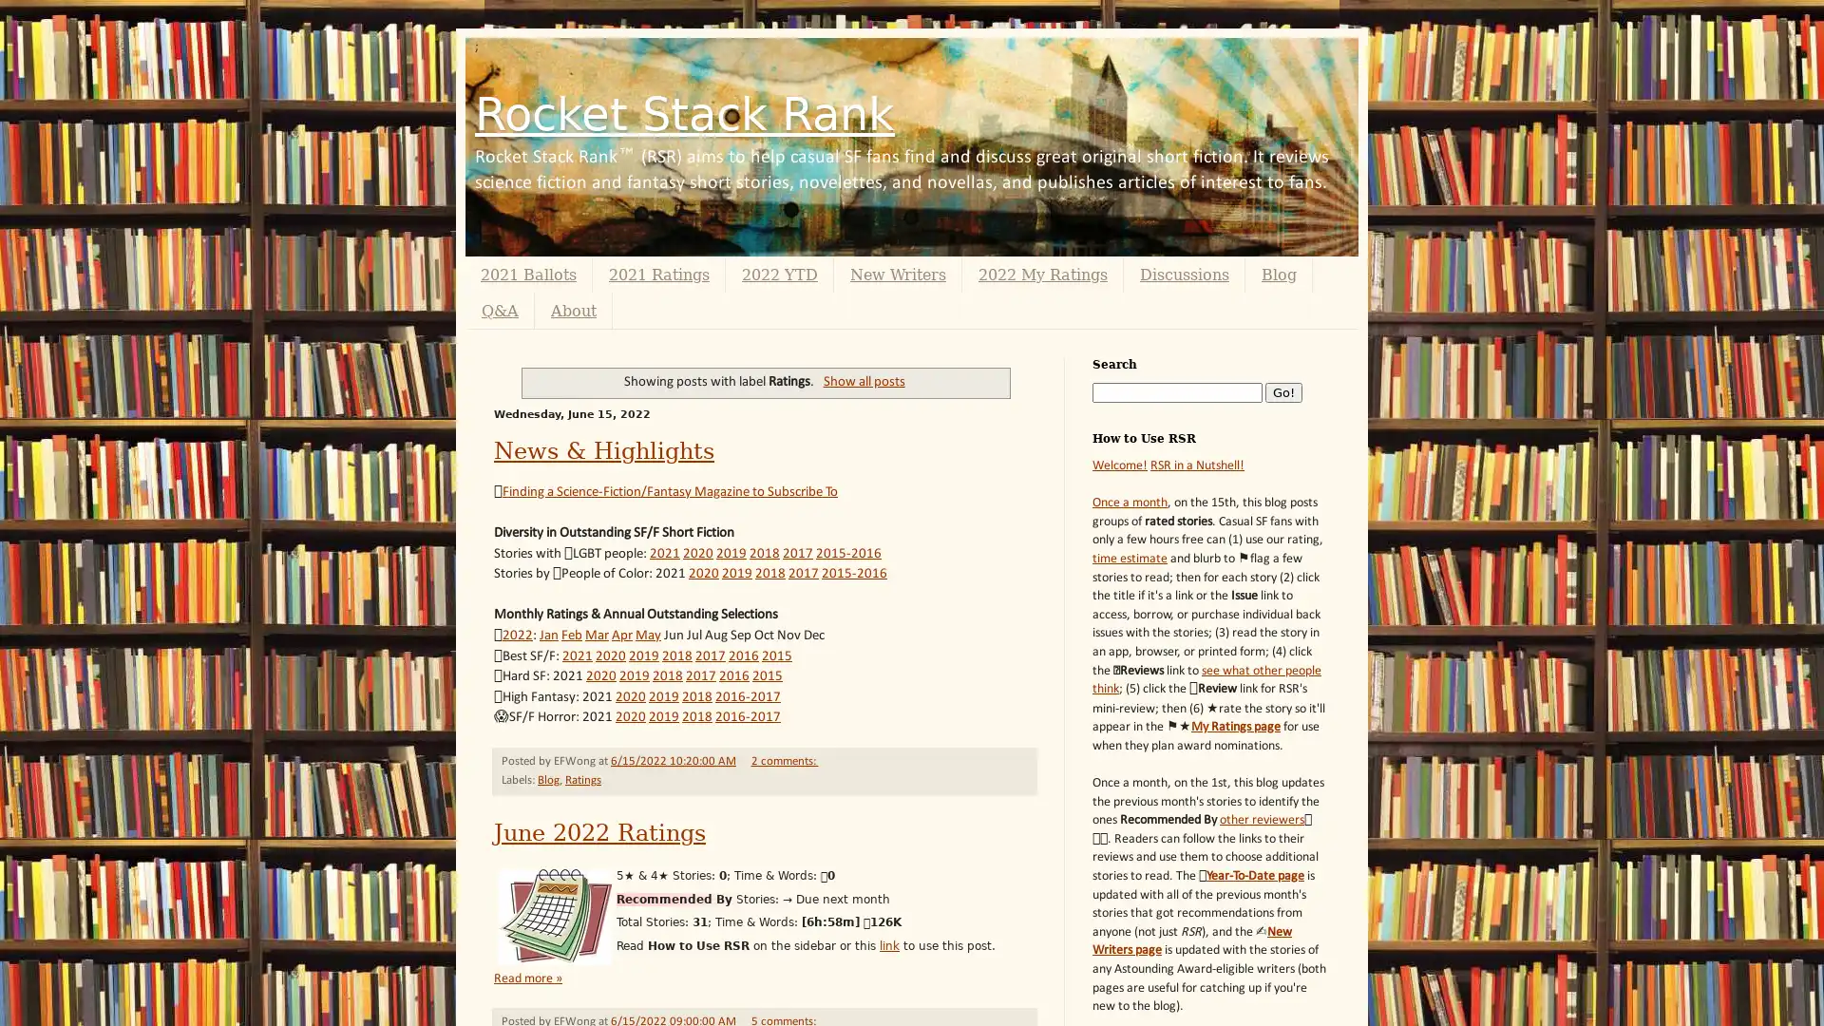 The width and height of the screenshot is (1824, 1026). What do you see at coordinates (1283, 391) in the screenshot?
I see `Go!` at bounding box center [1283, 391].